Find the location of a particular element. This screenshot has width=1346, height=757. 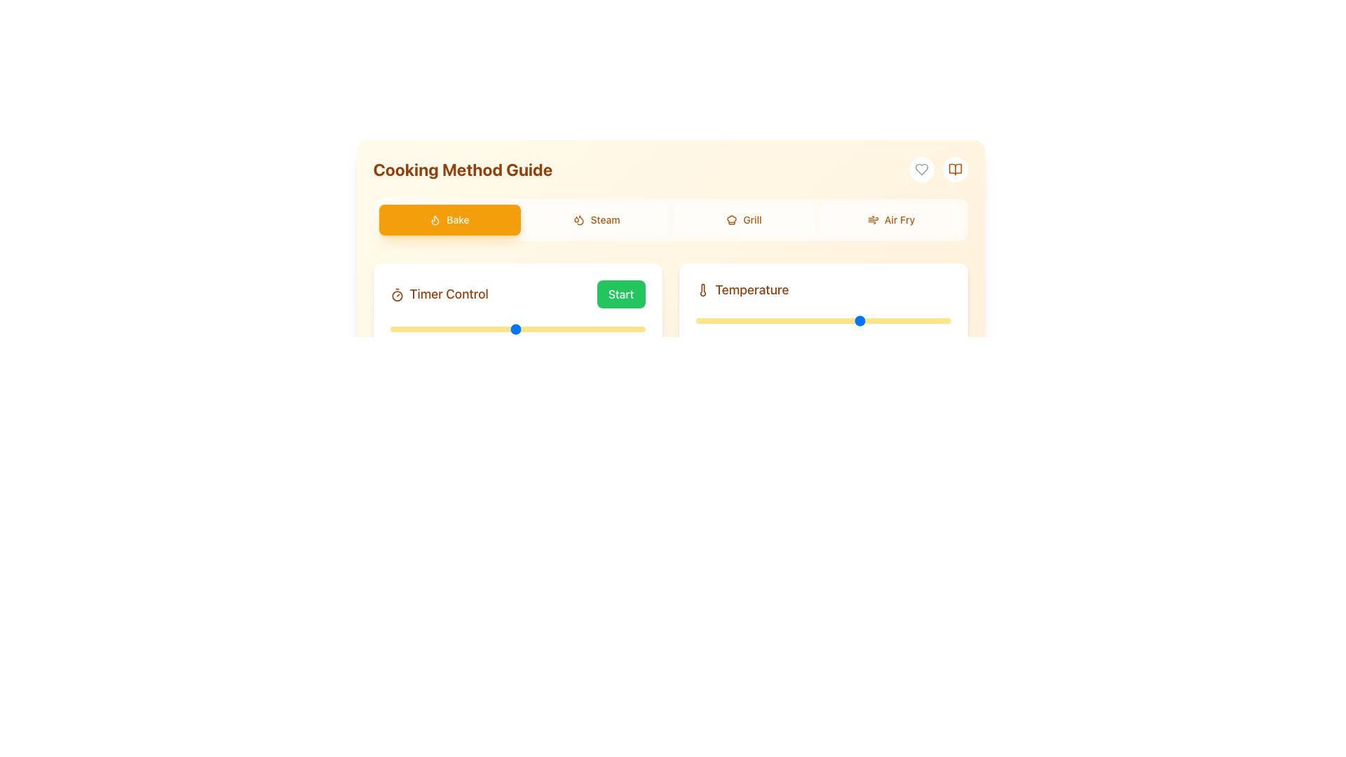

the temperature slider is located at coordinates (895, 321).